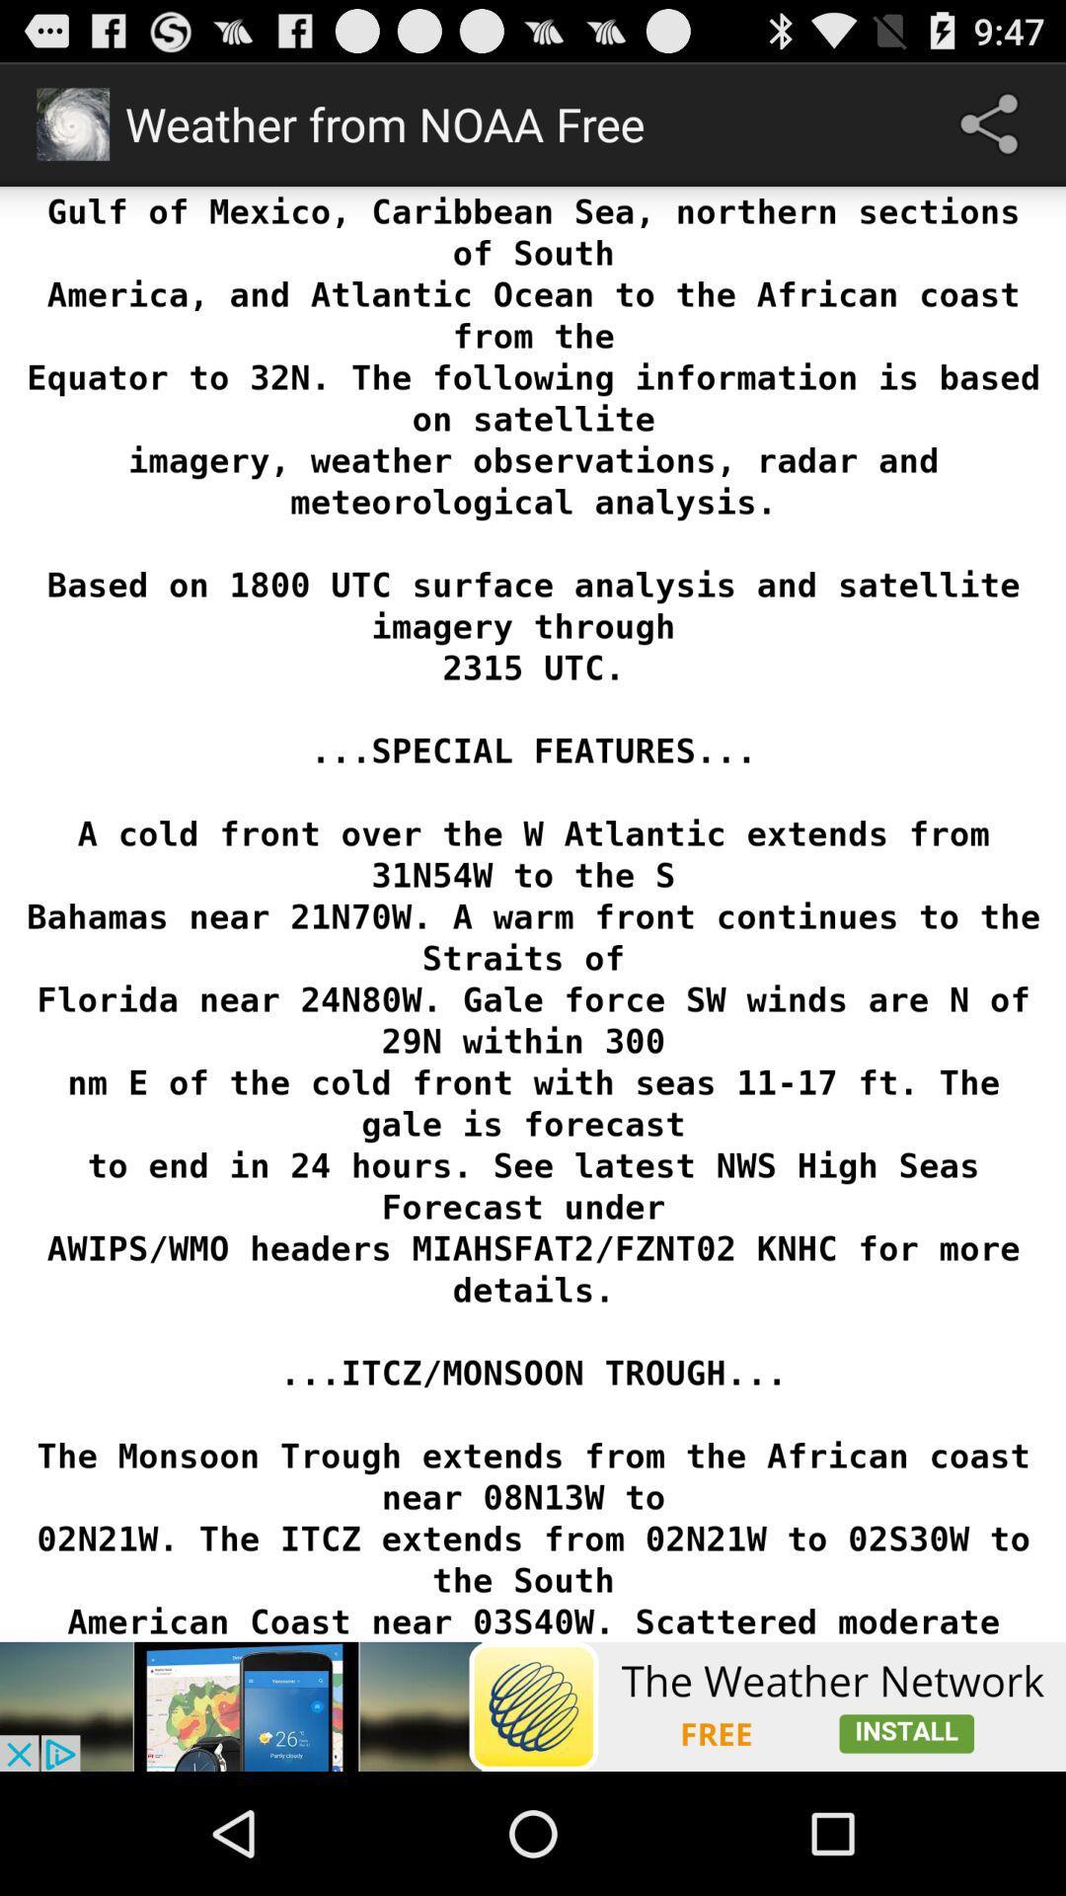 The width and height of the screenshot is (1066, 1896). What do you see at coordinates (533, 1705) in the screenshot?
I see `open advertisement` at bounding box center [533, 1705].